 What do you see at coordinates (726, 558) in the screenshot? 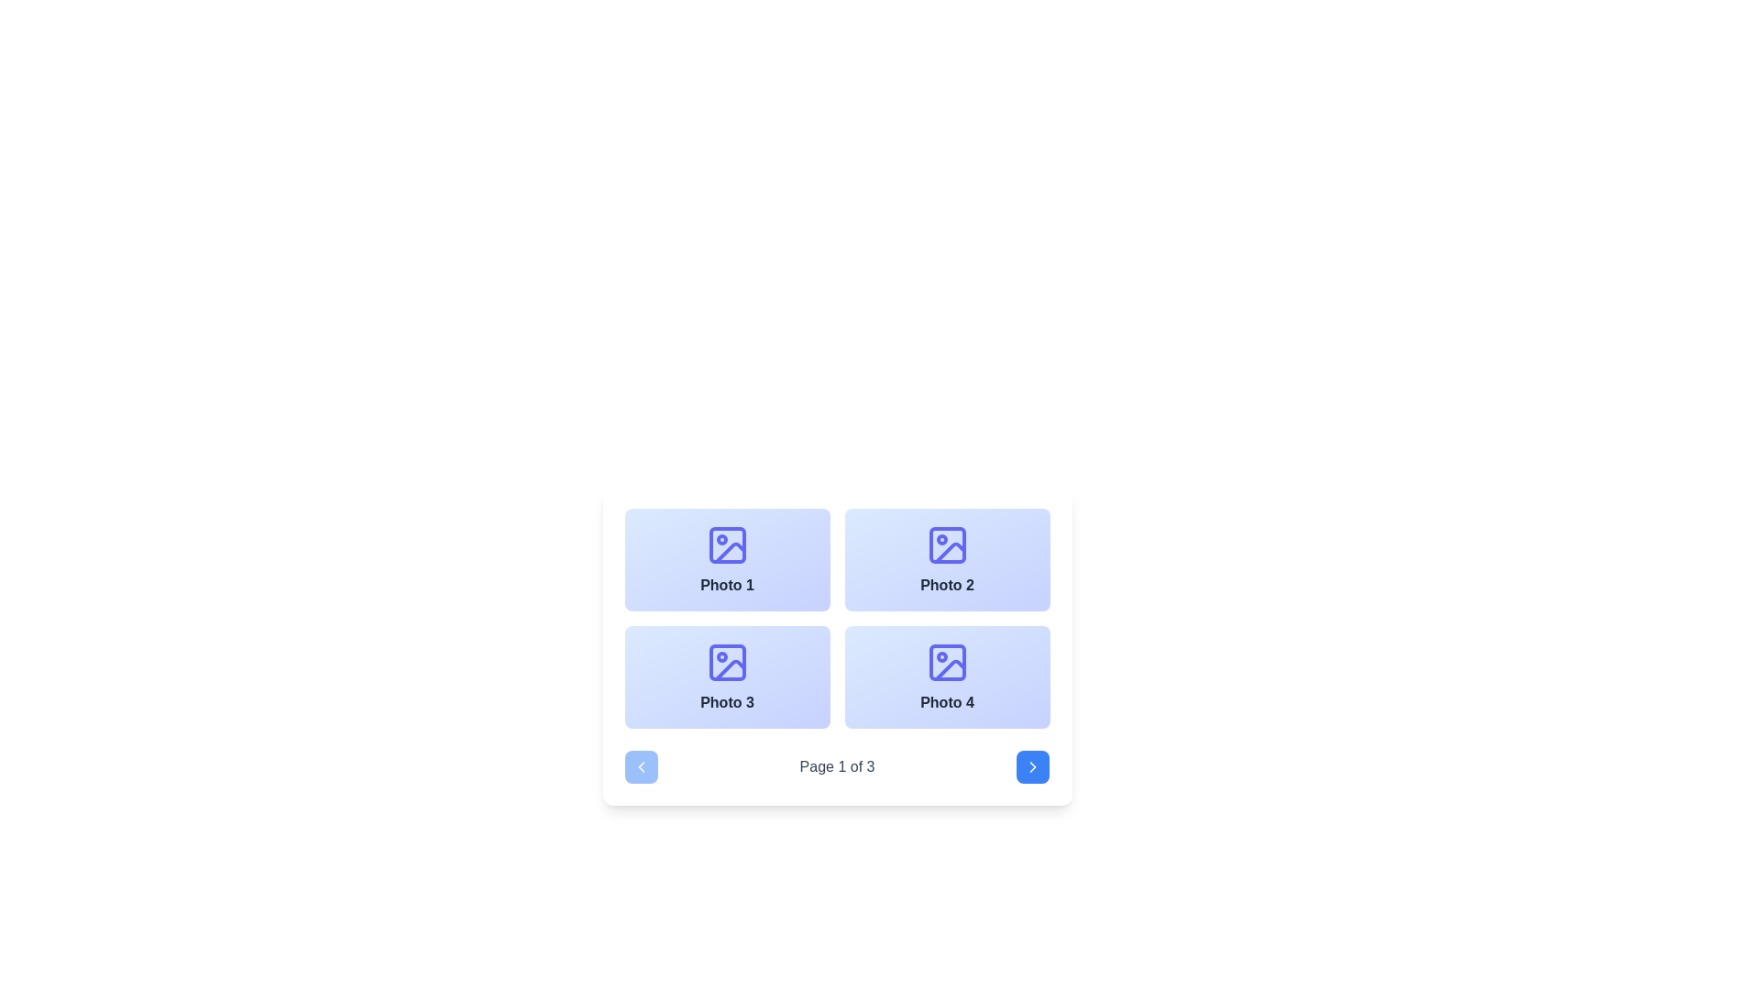
I see `the 'Photo 1' button or card element located in the upper-left corner of a 2x2 grid layout` at bounding box center [726, 558].